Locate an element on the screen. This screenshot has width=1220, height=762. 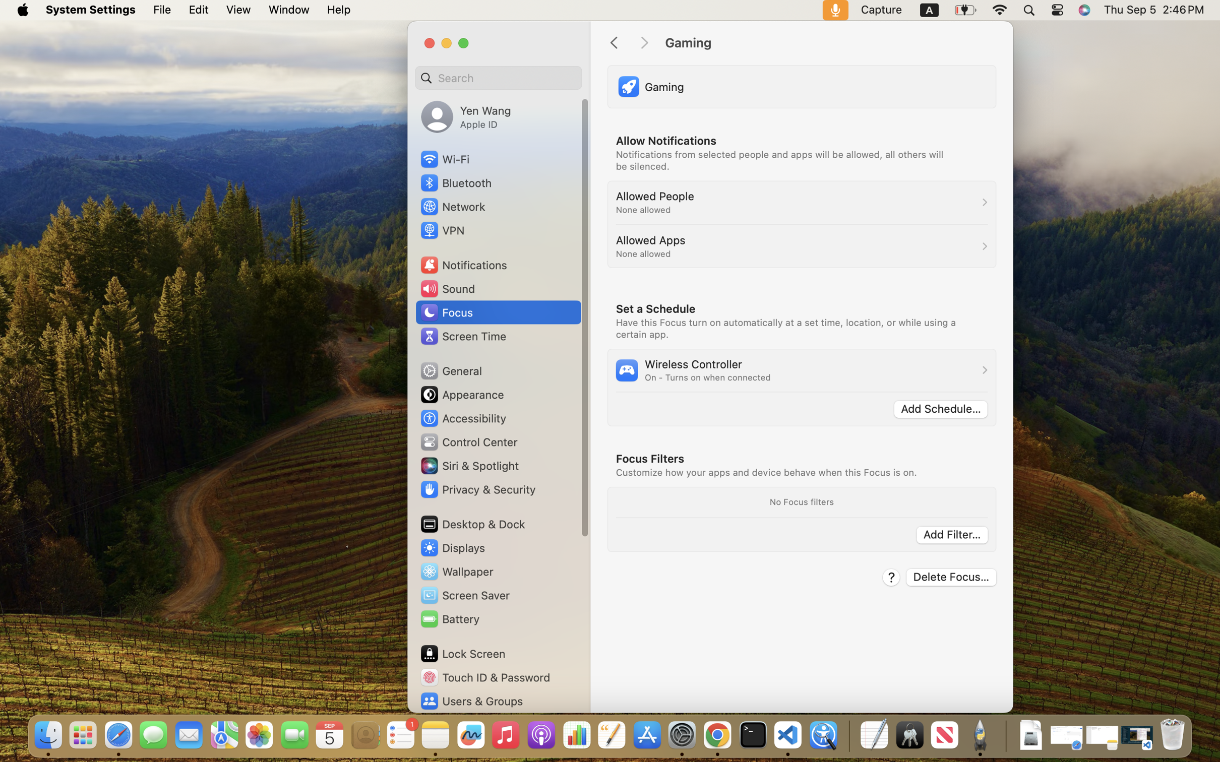
'0.4285714328289032' is located at coordinates (847, 735).